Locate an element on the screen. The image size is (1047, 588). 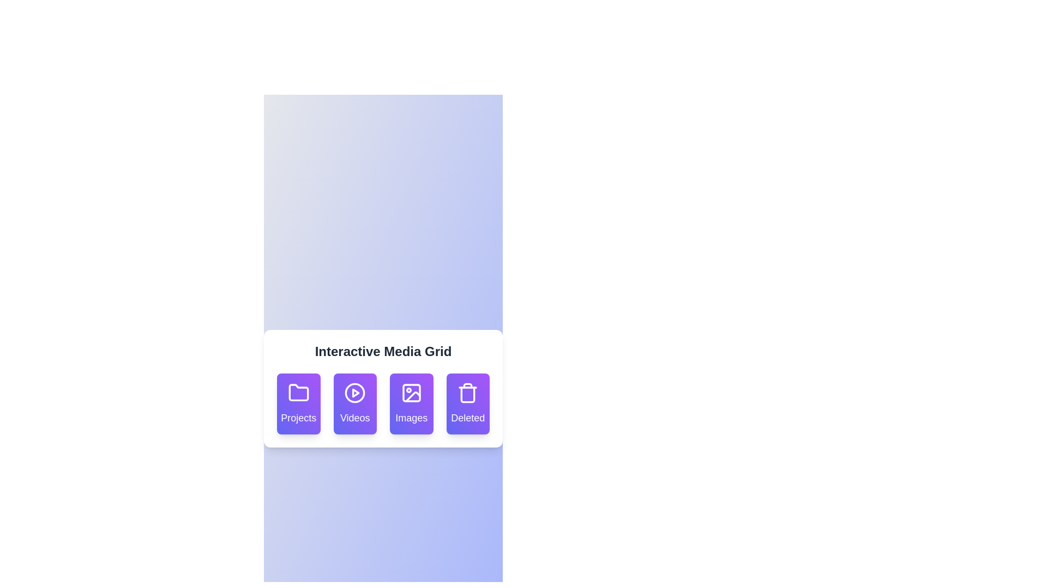
the triangular play icon located at the center of the 'Videos' button, which is the second button in a row of four buttons near the bottom of the visible card is located at coordinates (356, 393).